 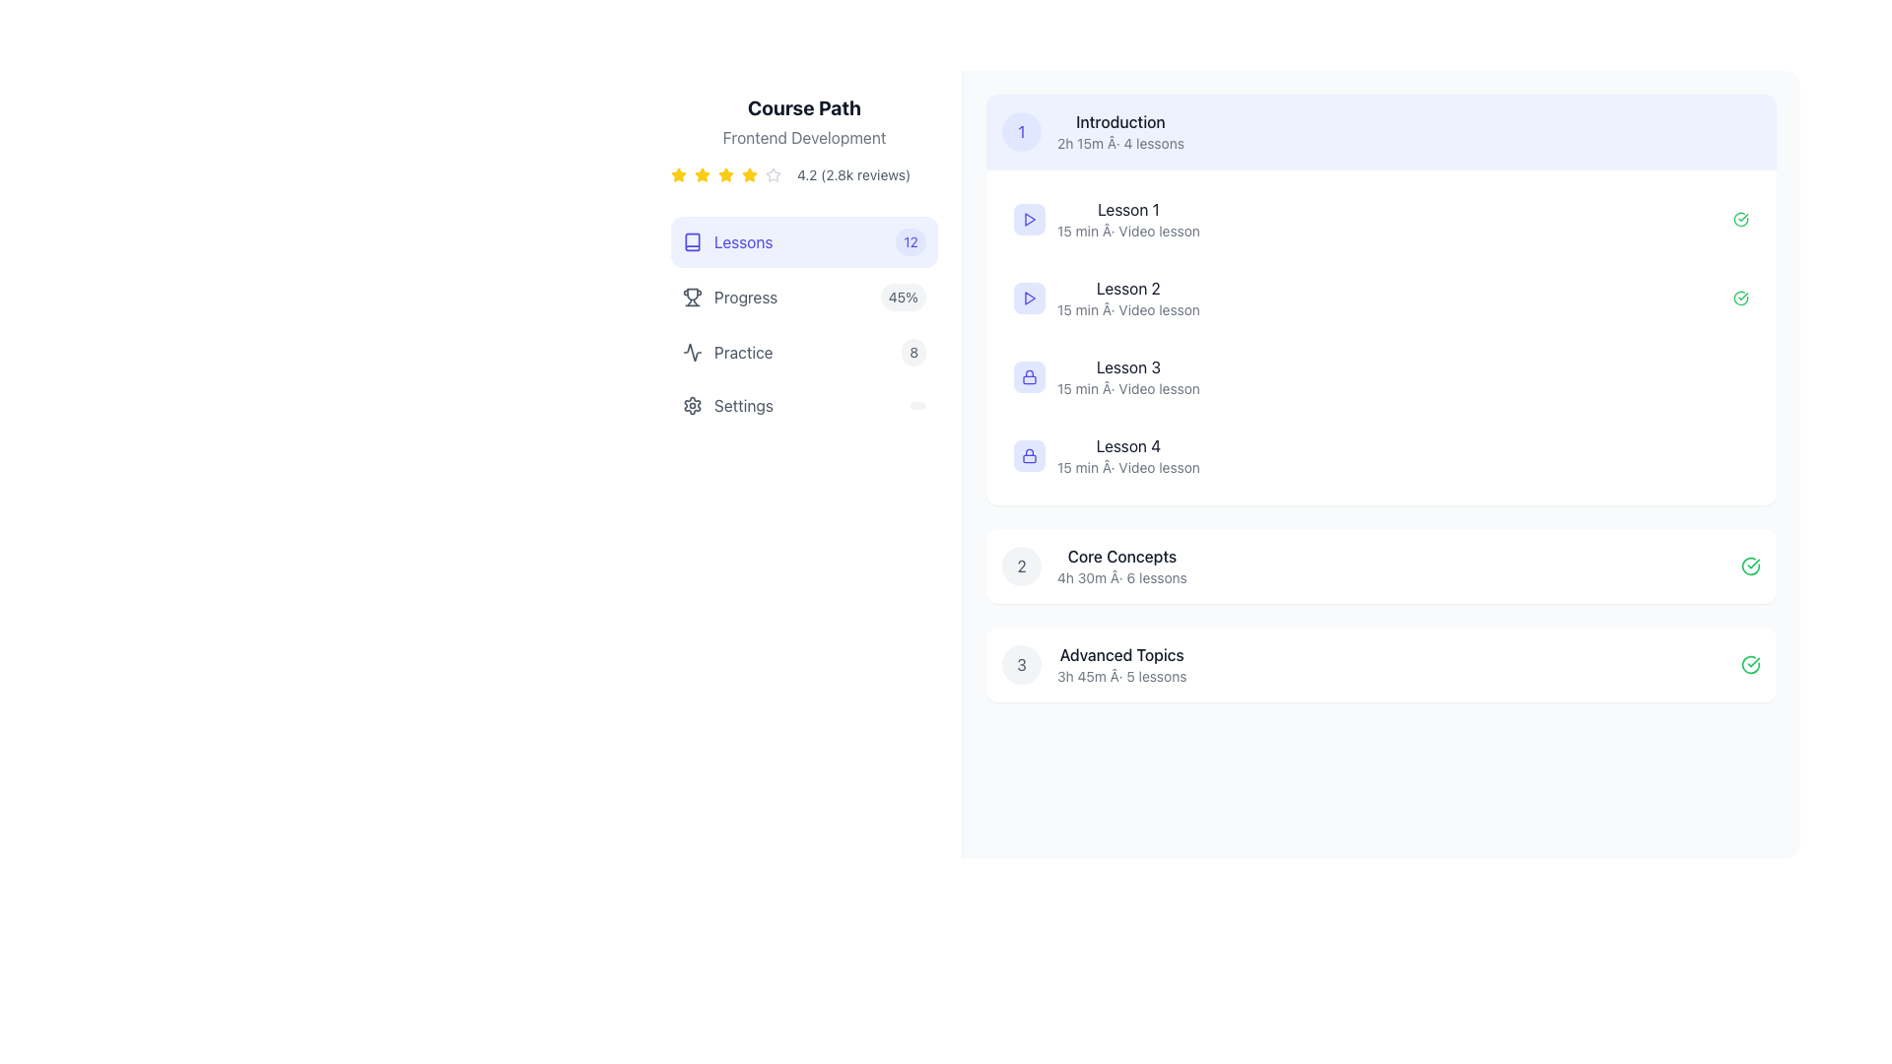 I want to click on the textual information display element titled 'Core Concepts' which provides details about the module, located as the second item in a vertical list, so click(x=1121, y=565).